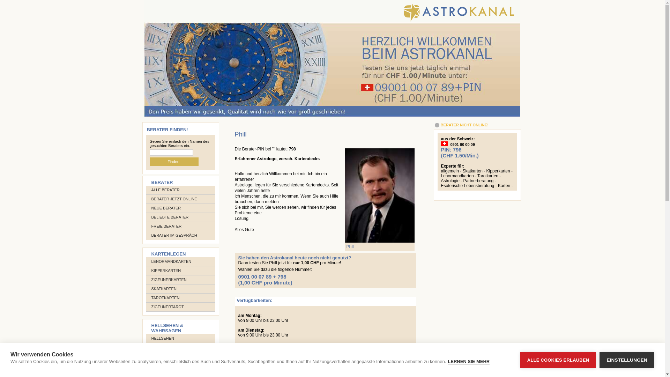 Image resolution: width=670 pixels, height=377 pixels. Describe the element at coordinates (159, 374) in the screenshot. I see `'PENDEL'` at that location.